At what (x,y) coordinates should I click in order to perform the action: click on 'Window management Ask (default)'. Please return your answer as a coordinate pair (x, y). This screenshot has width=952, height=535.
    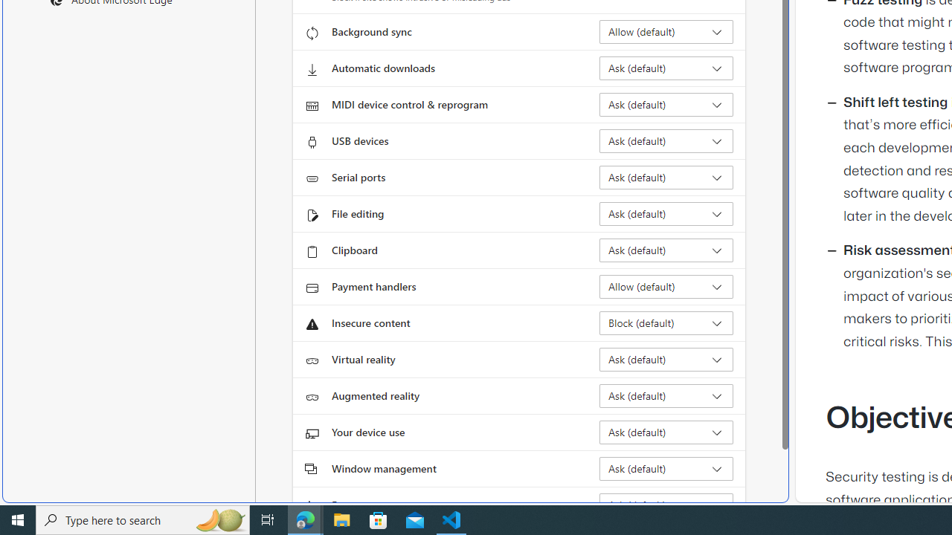
    Looking at the image, I should click on (666, 469).